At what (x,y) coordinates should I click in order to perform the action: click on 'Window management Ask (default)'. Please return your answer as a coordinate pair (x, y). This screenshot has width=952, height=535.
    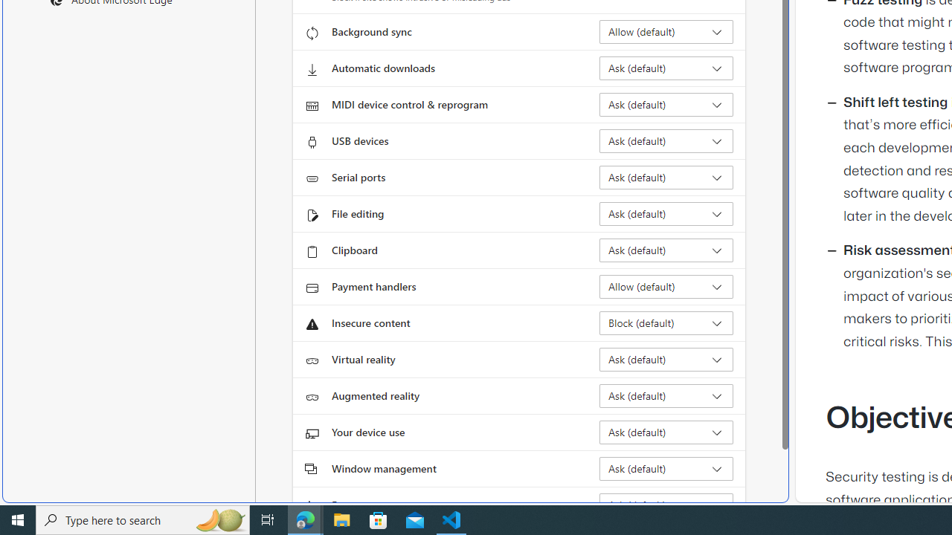
    Looking at the image, I should click on (666, 469).